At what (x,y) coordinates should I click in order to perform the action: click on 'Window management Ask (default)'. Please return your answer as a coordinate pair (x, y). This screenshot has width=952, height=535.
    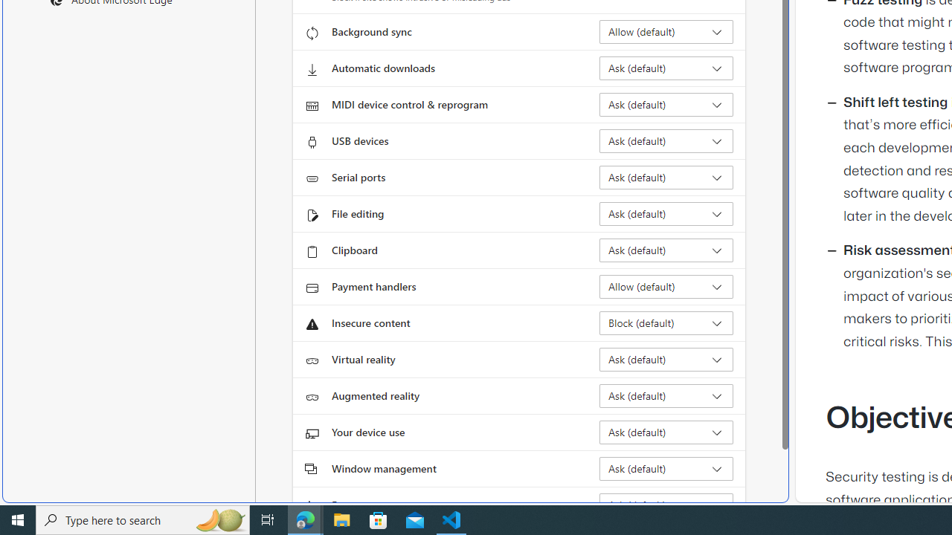
    Looking at the image, I should click on (666, 469).